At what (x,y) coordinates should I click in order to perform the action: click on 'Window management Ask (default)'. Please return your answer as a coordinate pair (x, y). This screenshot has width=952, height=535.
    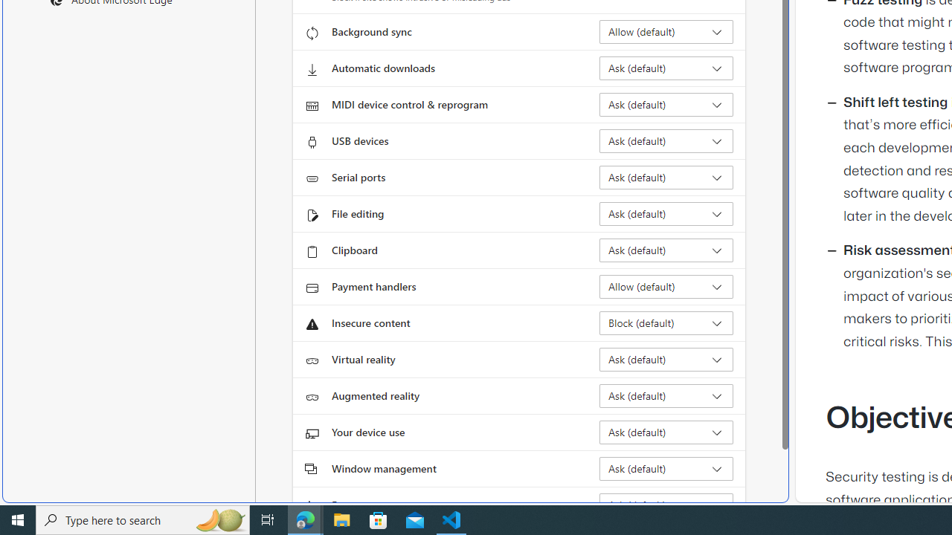
    Looking at the image, I should click on (666, 469).